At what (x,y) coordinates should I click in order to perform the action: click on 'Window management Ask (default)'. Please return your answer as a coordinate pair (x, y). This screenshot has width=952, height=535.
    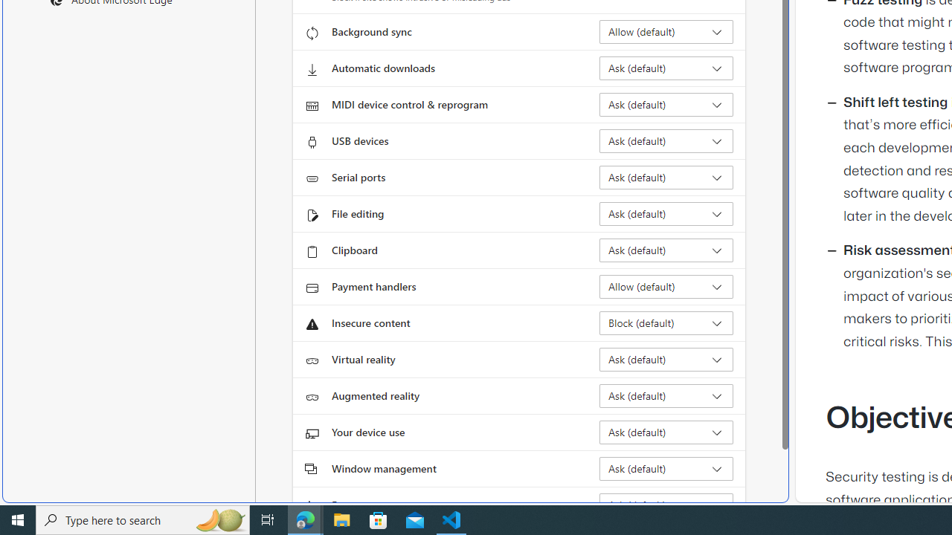
    Looking at the image, I should click on (666, 469).